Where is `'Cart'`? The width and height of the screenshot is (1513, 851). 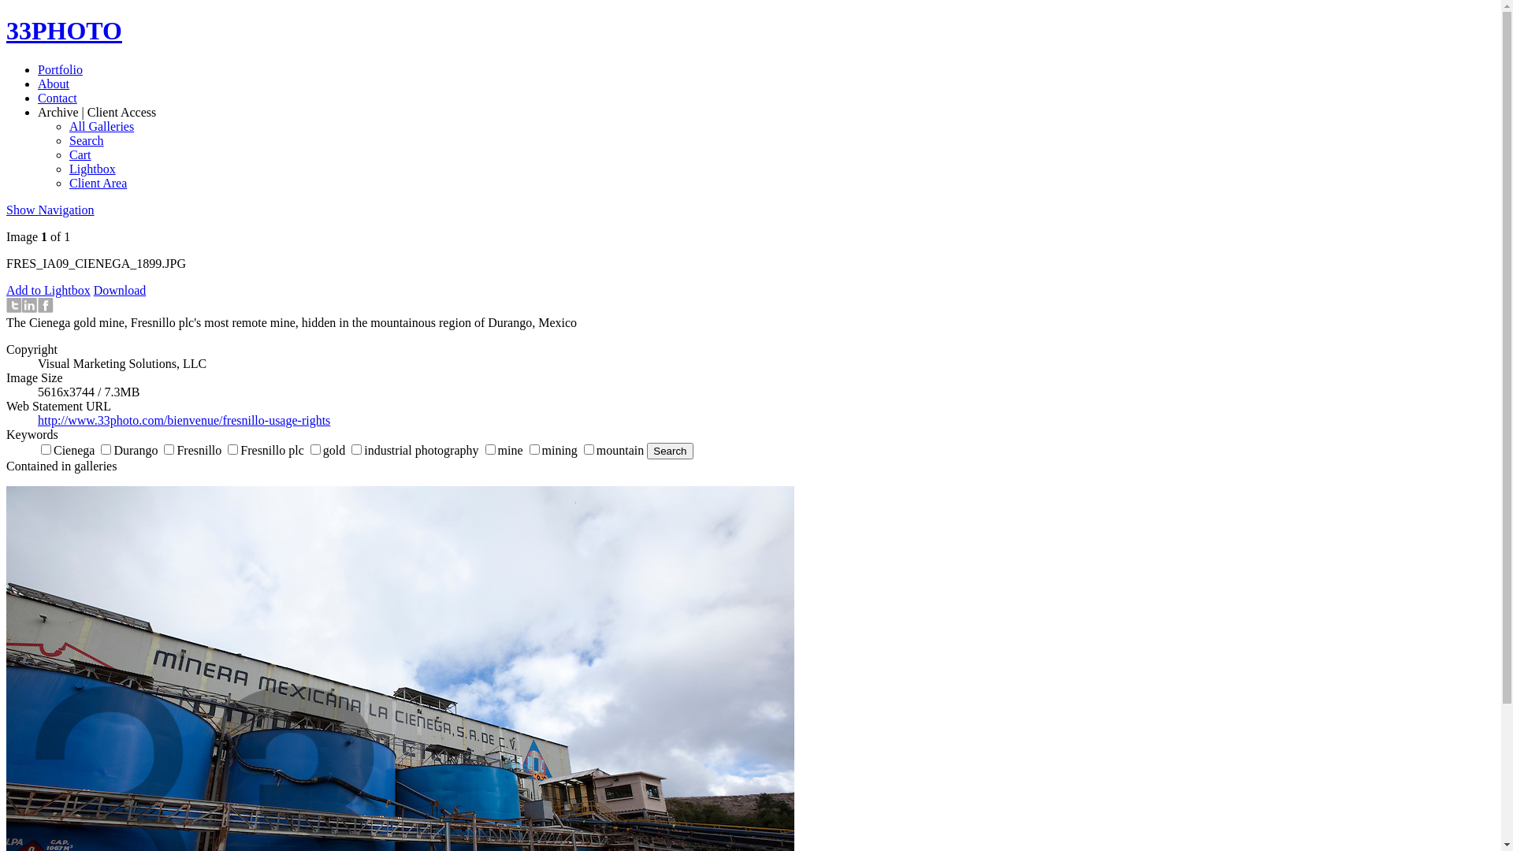 'Cart' is located at coordinates (79, 154).